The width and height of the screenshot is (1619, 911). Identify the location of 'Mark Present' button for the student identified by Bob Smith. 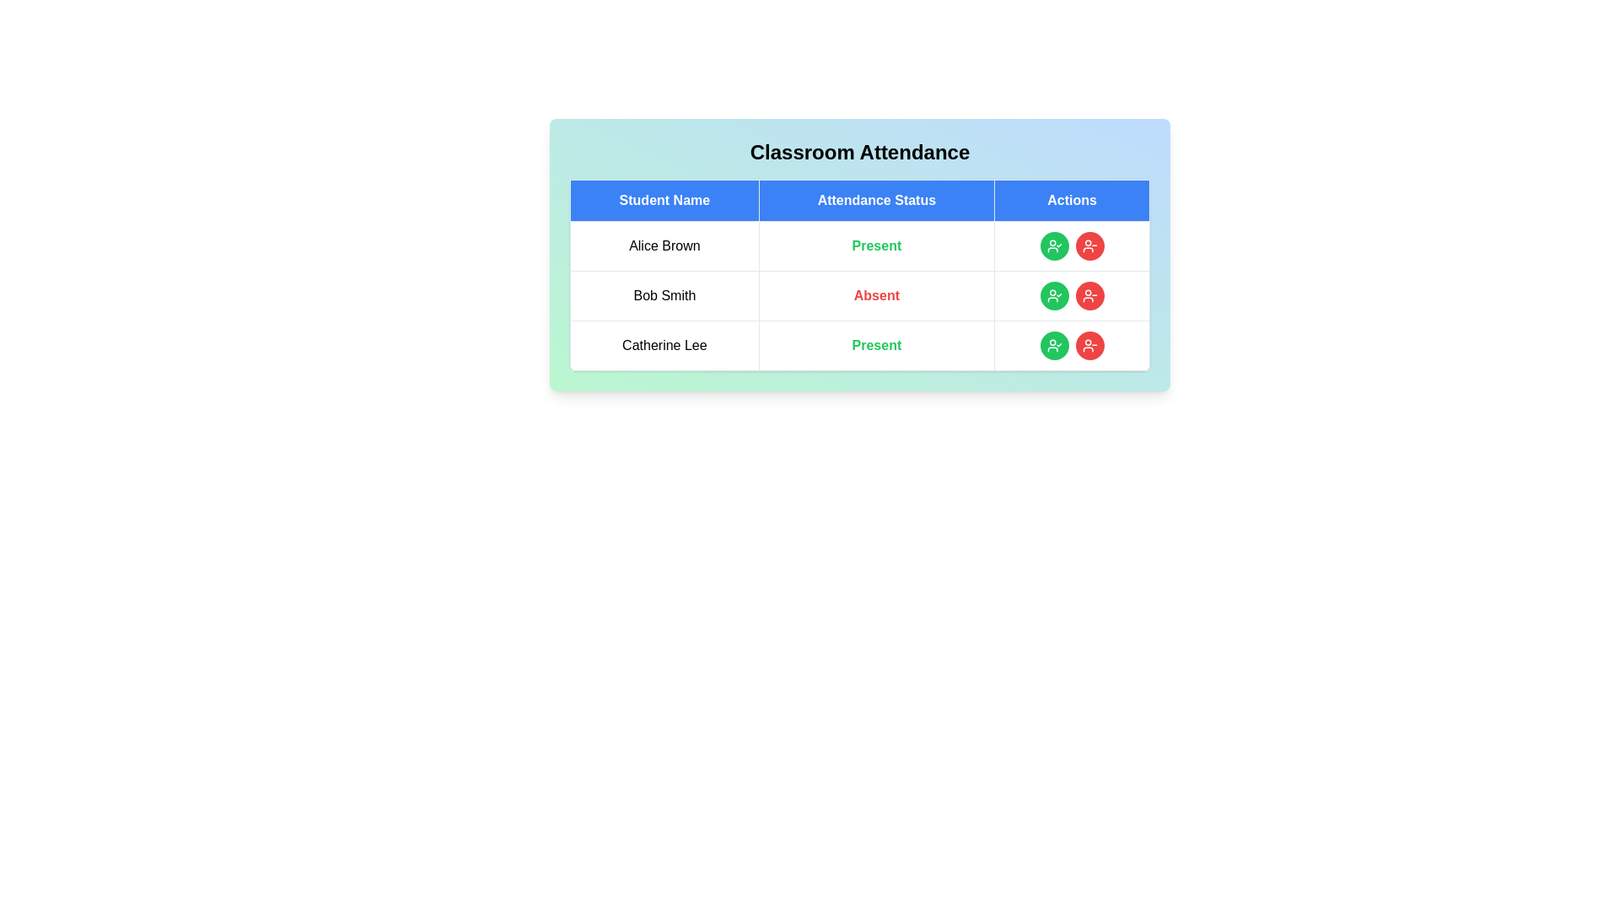
(1053, 295).